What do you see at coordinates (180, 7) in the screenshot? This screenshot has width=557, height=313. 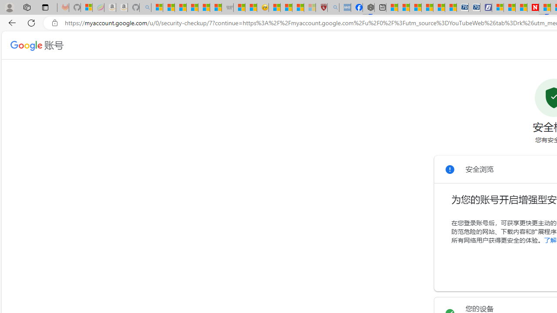 I see `'The Weather Channel - MSN'` at bounding box center [180, 7].